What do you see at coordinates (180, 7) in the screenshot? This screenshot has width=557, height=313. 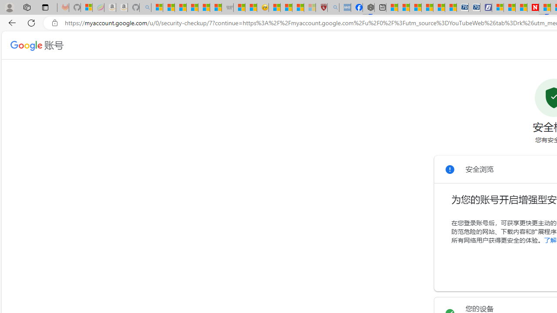 I see `'The Weather Channel - MSN'` at bounding box center [180, 7].